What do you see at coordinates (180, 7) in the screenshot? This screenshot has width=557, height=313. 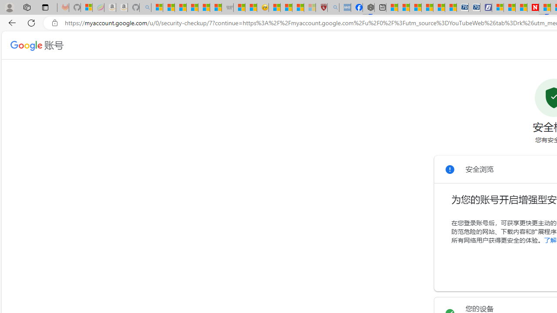 I see `'The Weather Channel - MSN'` at bounding box center [180, 7].